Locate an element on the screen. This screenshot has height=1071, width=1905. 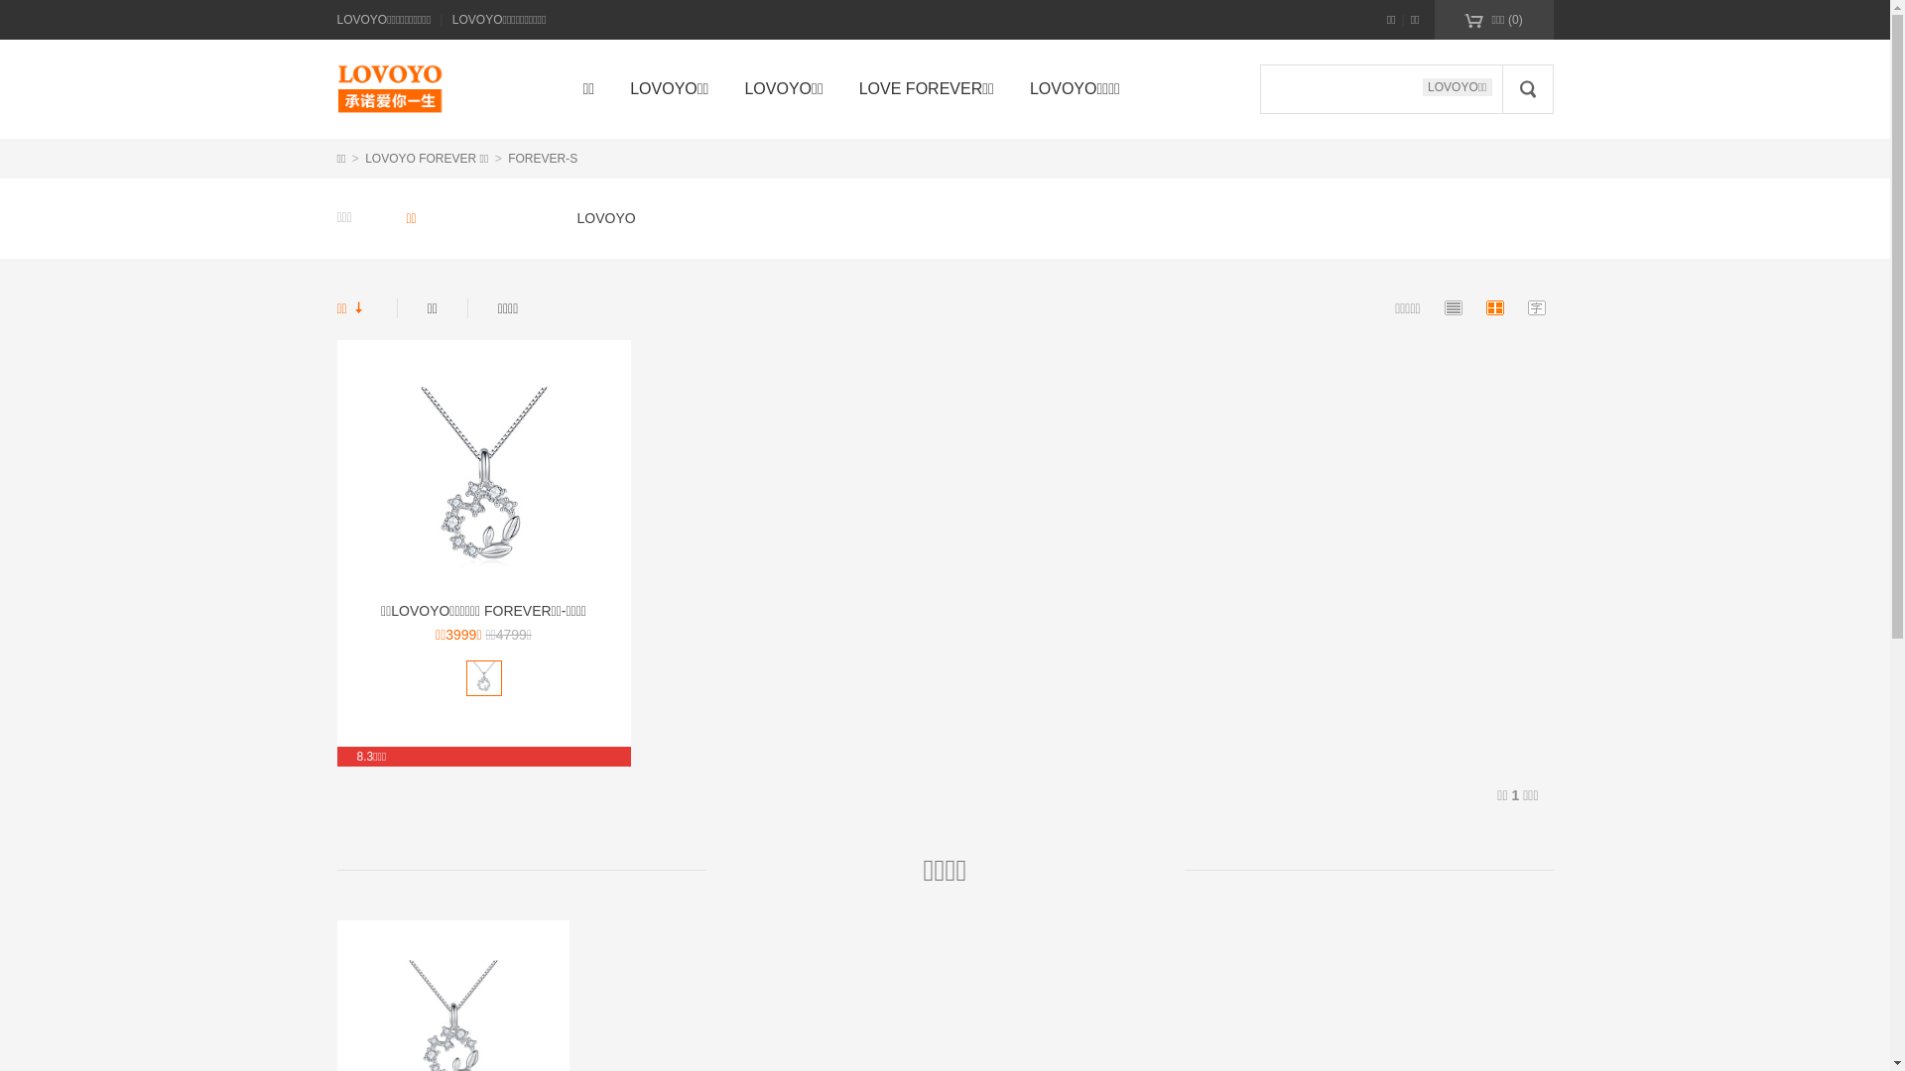
'LOVOYO' is located at coordinates (337, 87).